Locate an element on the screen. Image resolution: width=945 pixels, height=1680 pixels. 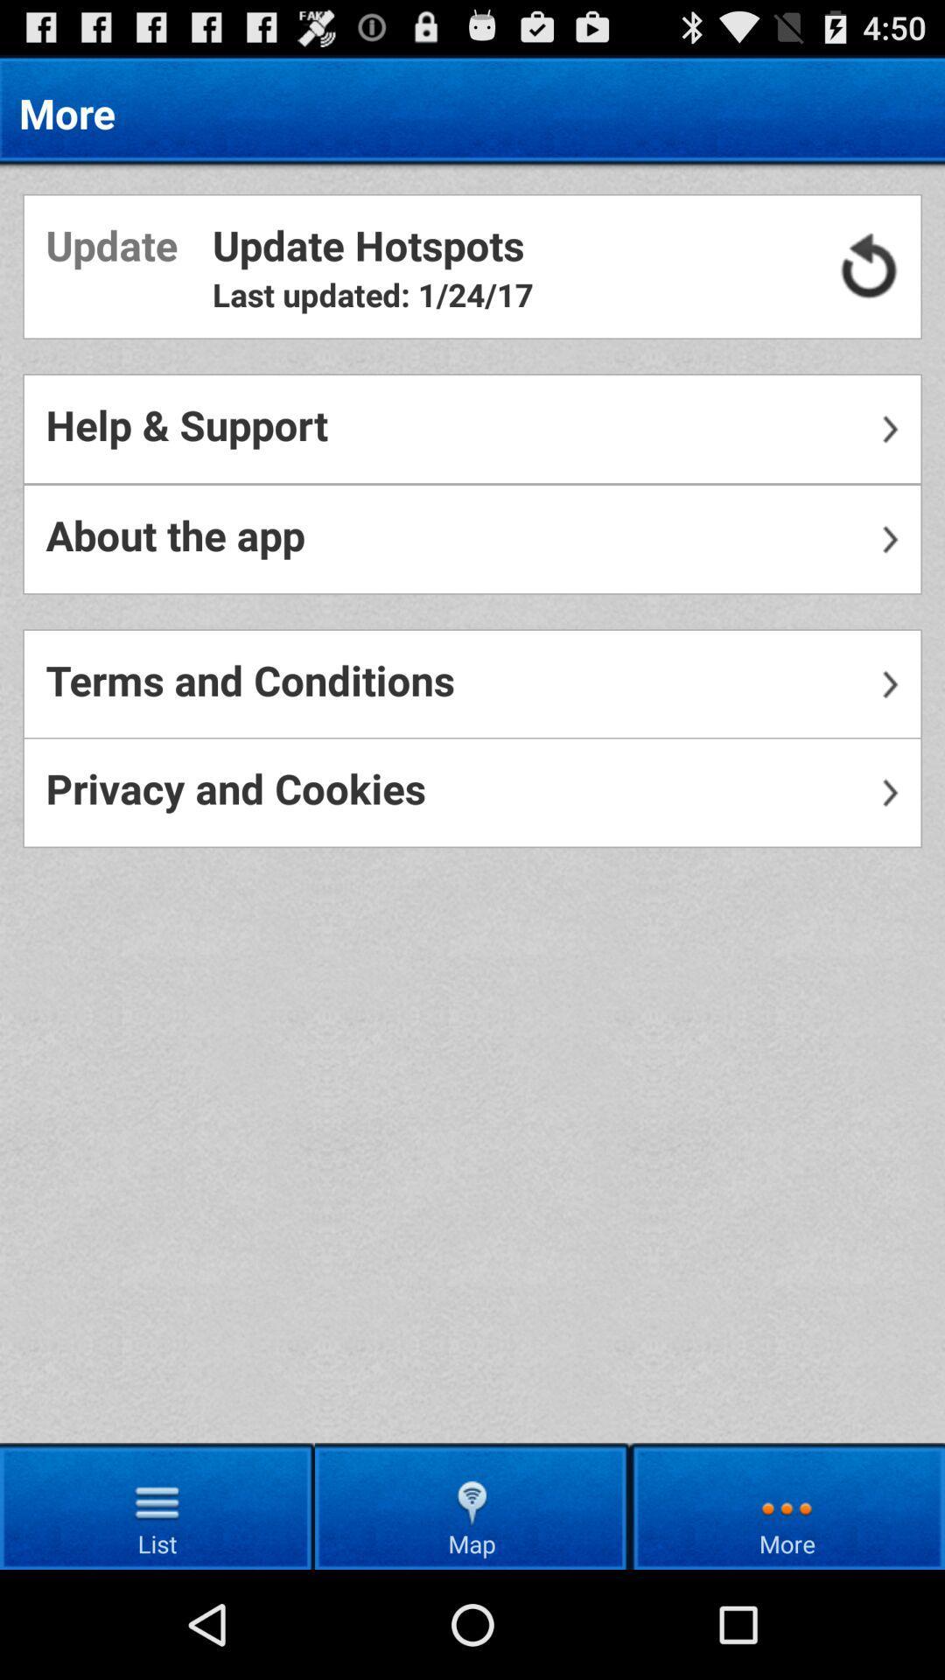
the item above the privacy and cookies is located at coordinates (472, 683).